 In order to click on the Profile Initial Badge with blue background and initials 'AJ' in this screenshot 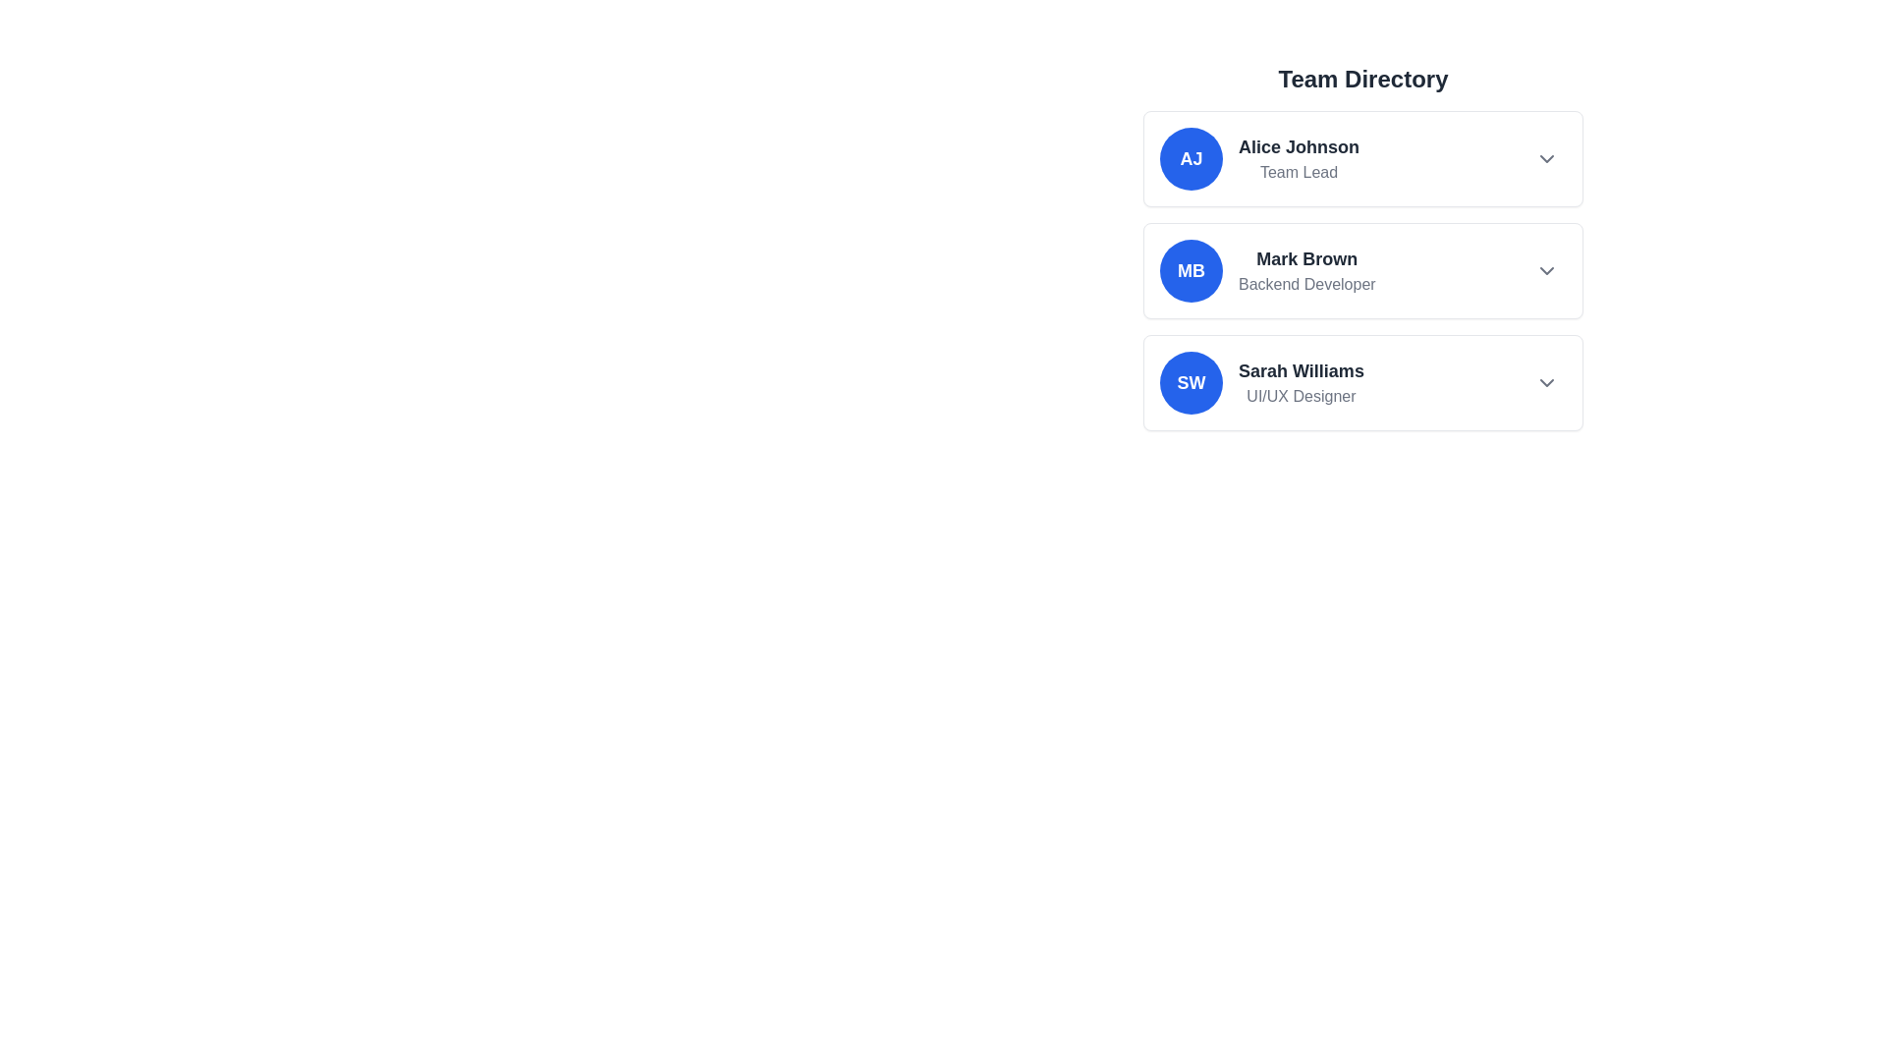, I will do `click(1191, 158)`.